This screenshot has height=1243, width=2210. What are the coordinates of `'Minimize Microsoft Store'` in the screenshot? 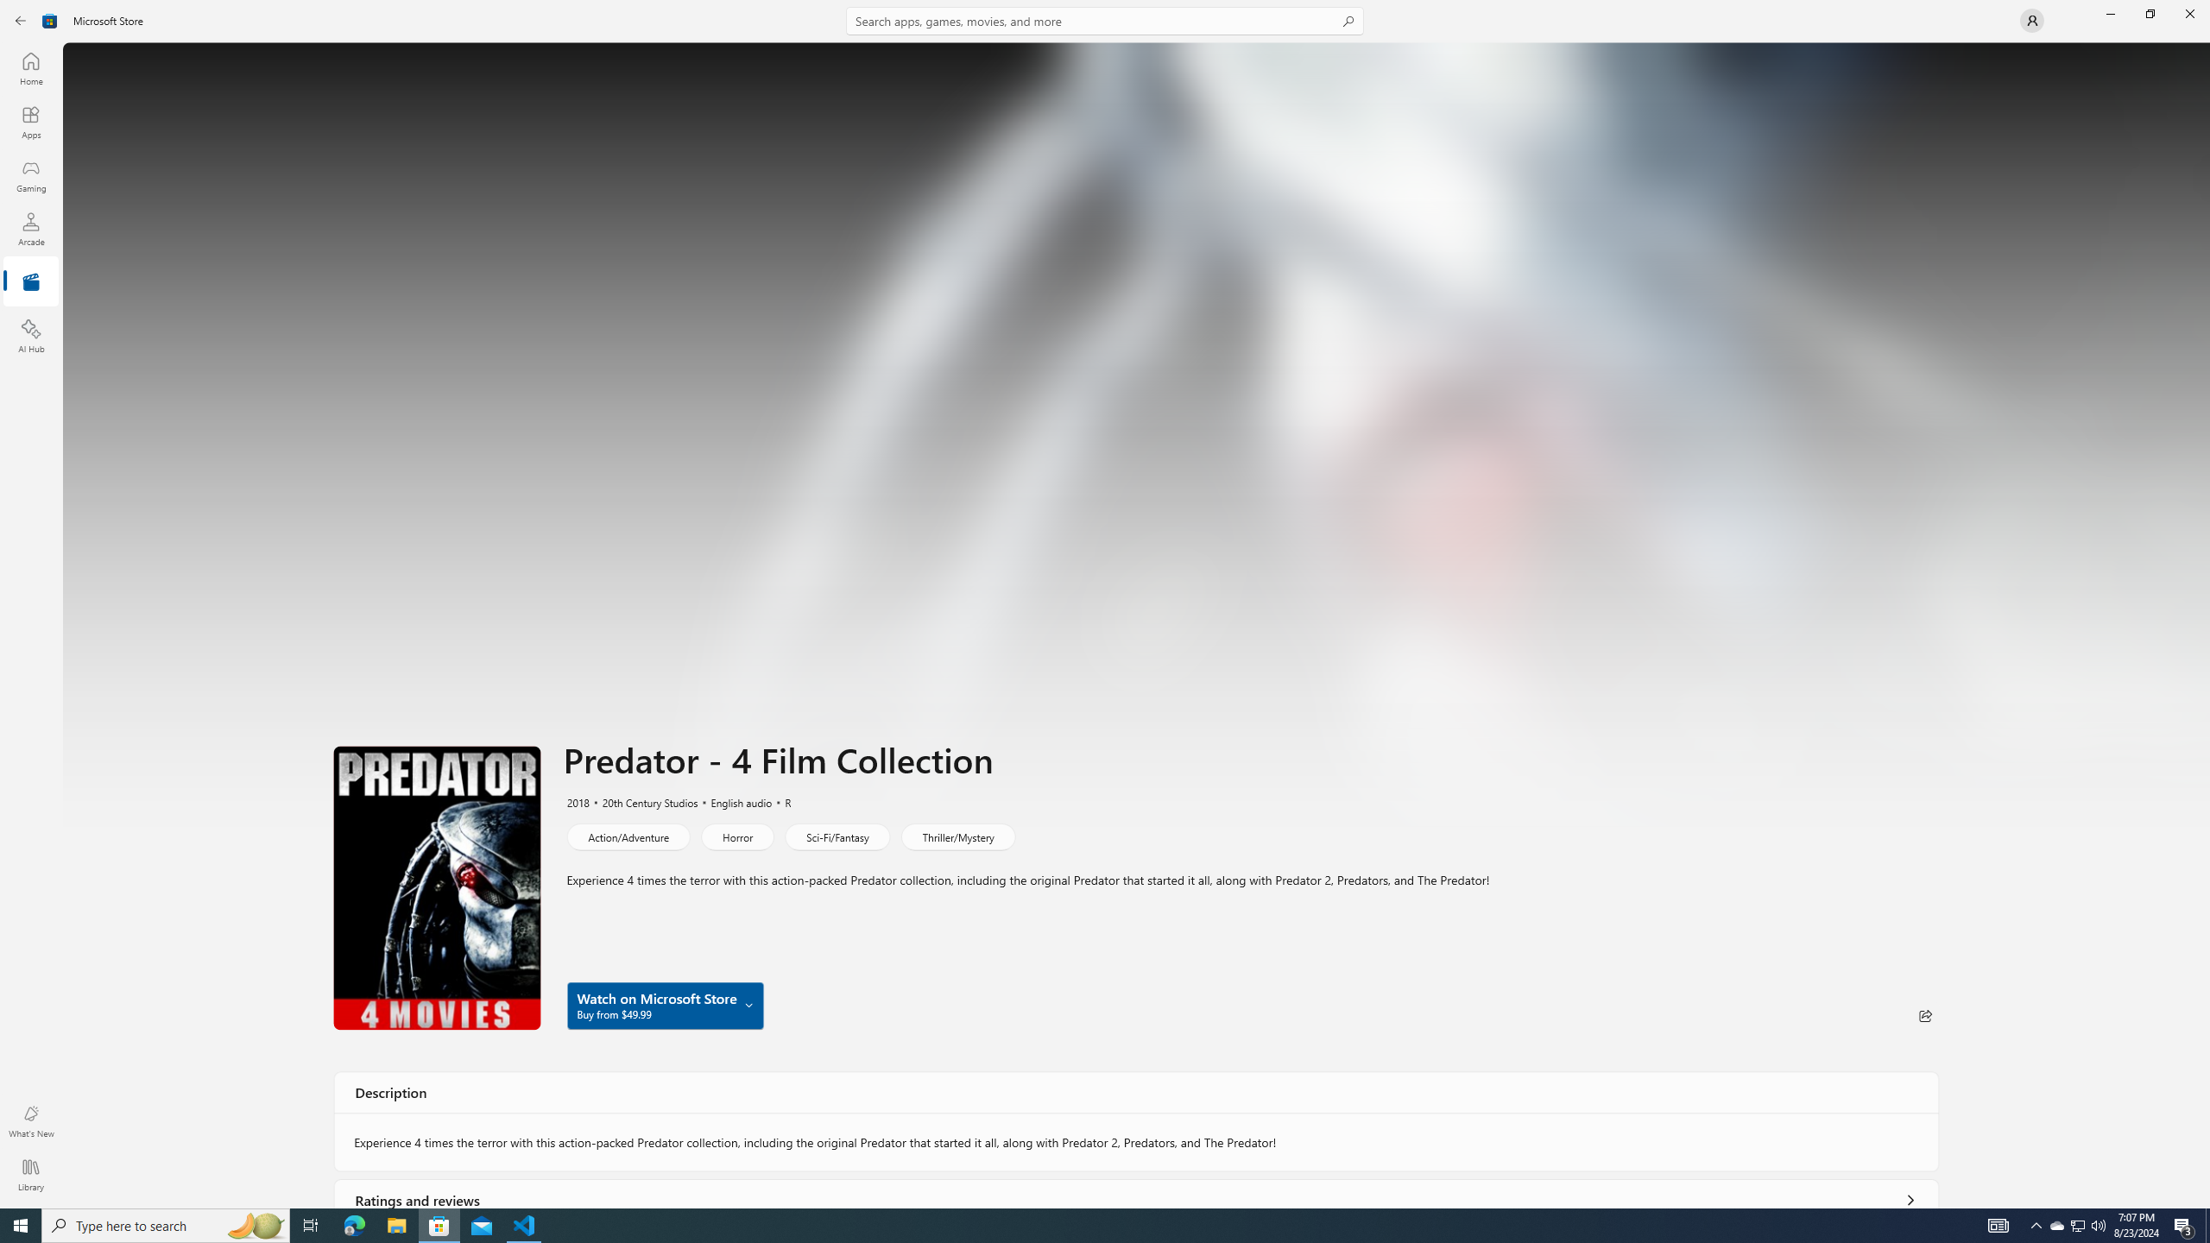 It's located at (2109, 13).